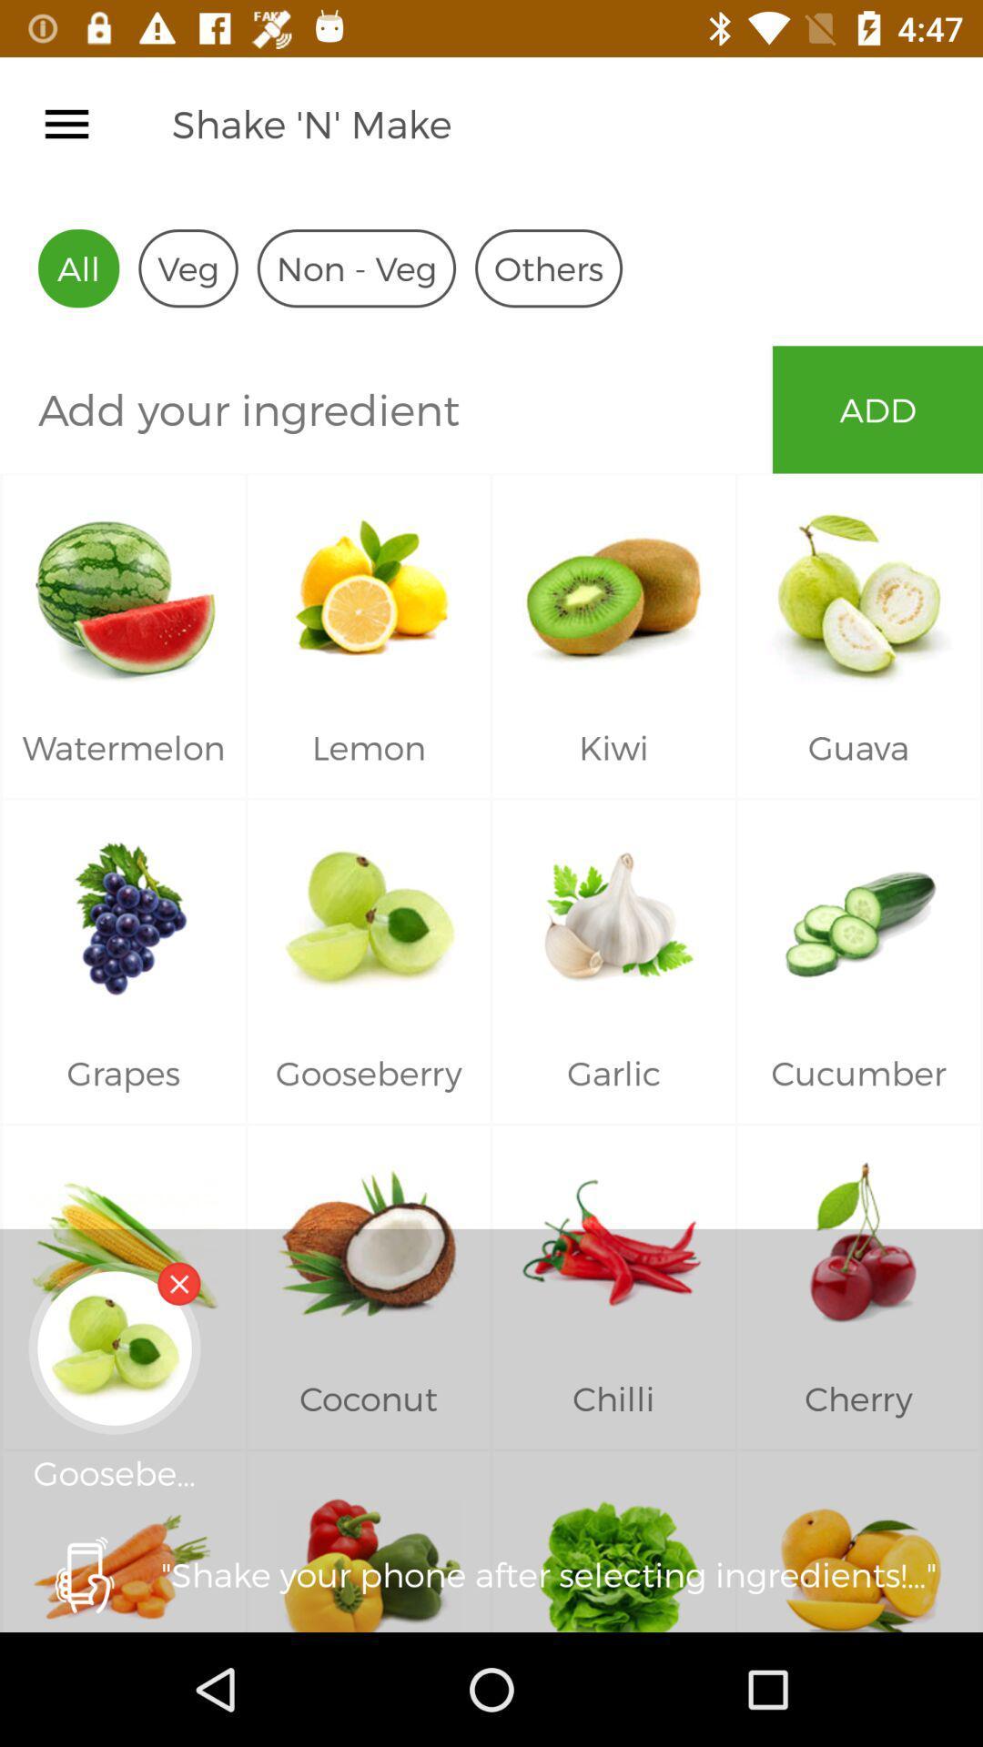 This screenshot has width=983, height=1747. Describe the element at coordinates (385, 409) in the screenshot. I see `ingredients` at that location.